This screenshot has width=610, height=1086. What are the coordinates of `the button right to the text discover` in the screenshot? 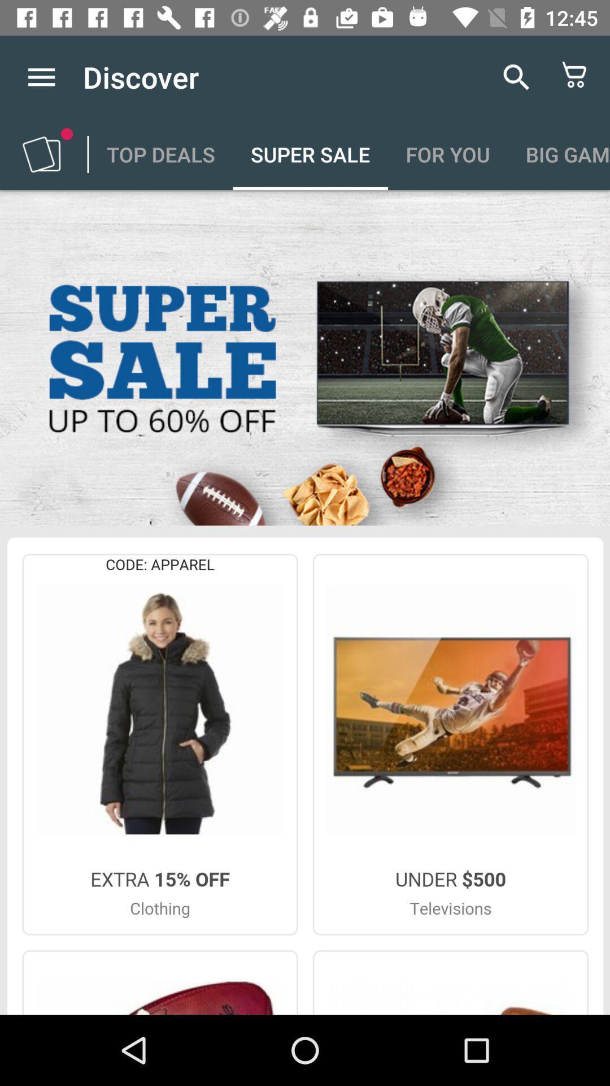 It's located at (516, 76).